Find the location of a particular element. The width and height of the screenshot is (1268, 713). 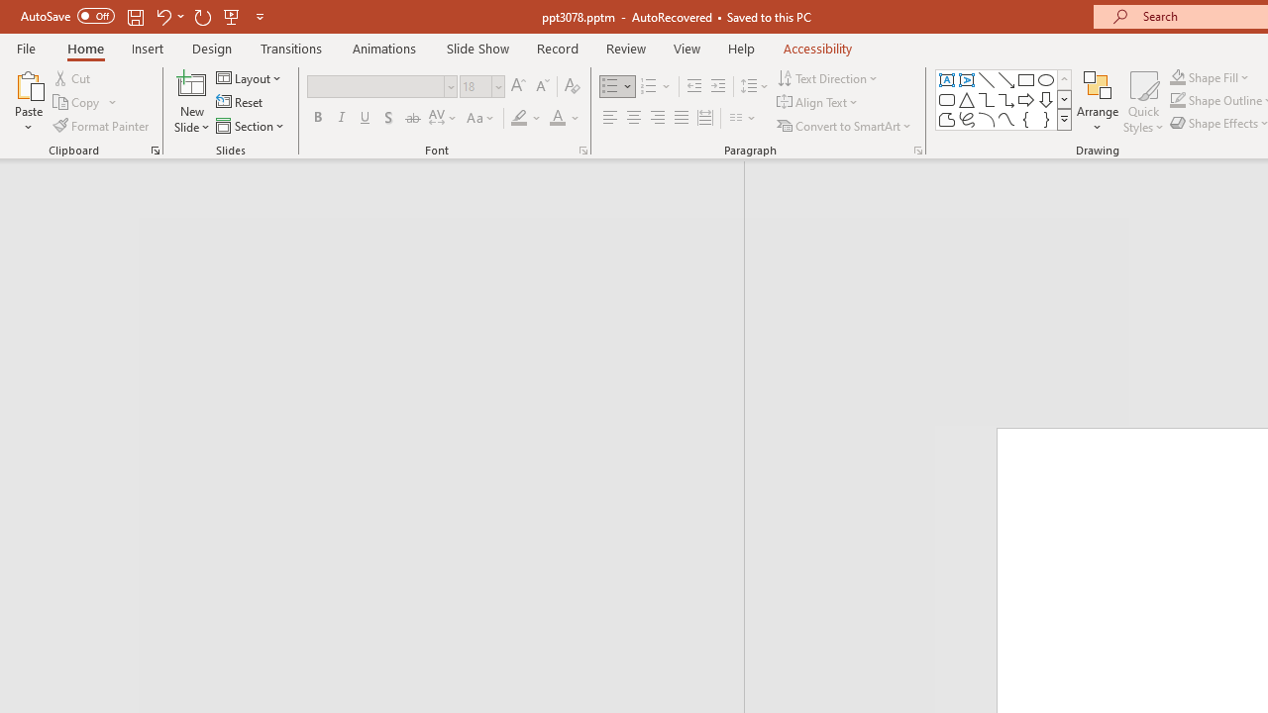

'Arrow: Right' is located at coordinates (1026, 99).